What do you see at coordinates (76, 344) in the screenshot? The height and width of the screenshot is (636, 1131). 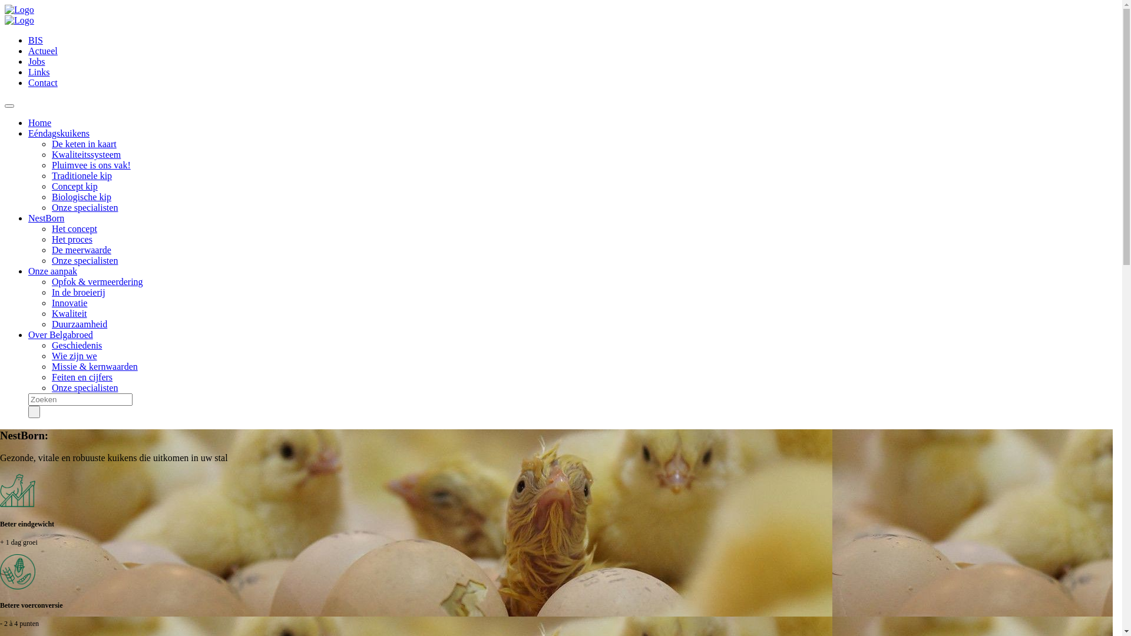 I see `'Geschiedenis'` at bounding box center [76, 344].